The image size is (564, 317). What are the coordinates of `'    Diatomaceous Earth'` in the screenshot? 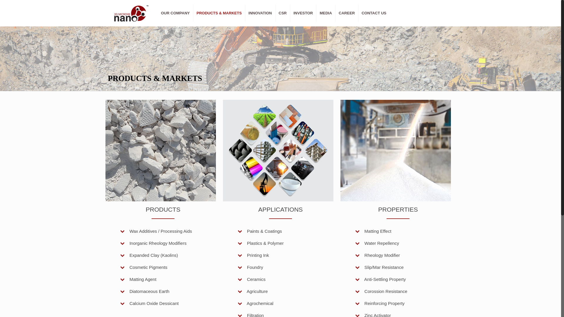 It's located at (145, 291).